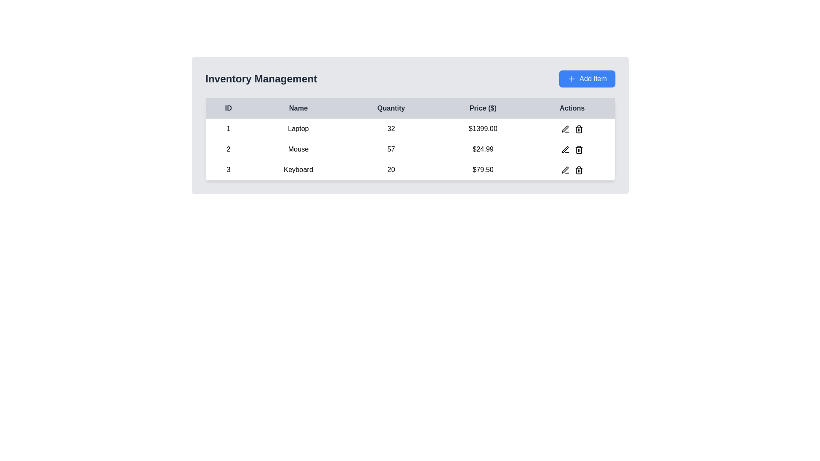 Image resolution: width=820 pixels, height=461 pixels. Describe the element at coordinates (298, 170) in the screenshot. I see `the static text label displaying 'Keyboard' in the second column of the third row of the 'Inventory Management' table` at that location.